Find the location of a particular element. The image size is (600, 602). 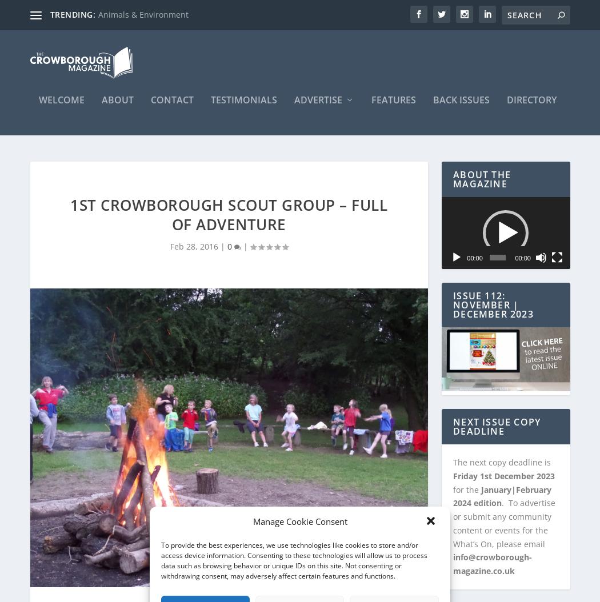

'Advertise' is located at coordinates (317, 105).